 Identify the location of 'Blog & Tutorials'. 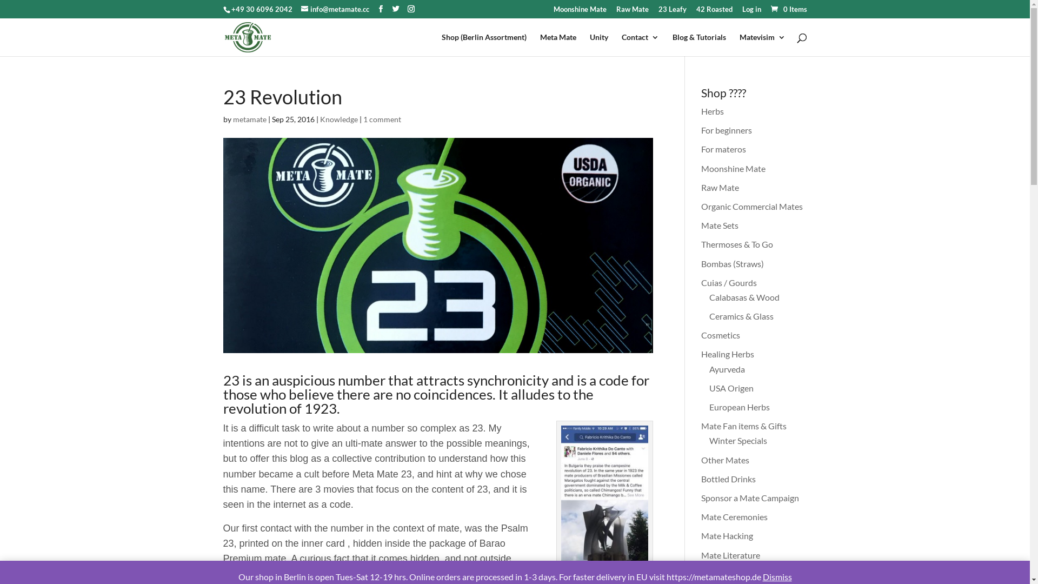
(699, 44).